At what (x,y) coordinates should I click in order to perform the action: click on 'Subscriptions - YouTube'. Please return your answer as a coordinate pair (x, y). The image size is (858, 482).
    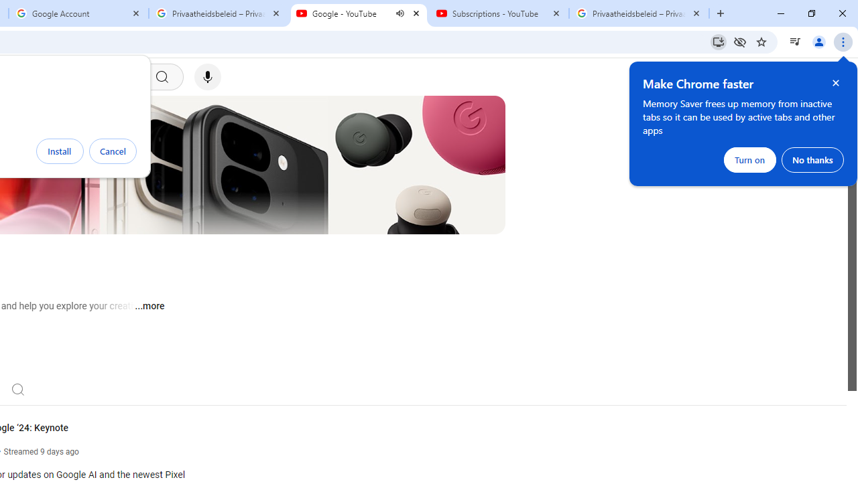
    Looking at the image, I should click on (498, 13).